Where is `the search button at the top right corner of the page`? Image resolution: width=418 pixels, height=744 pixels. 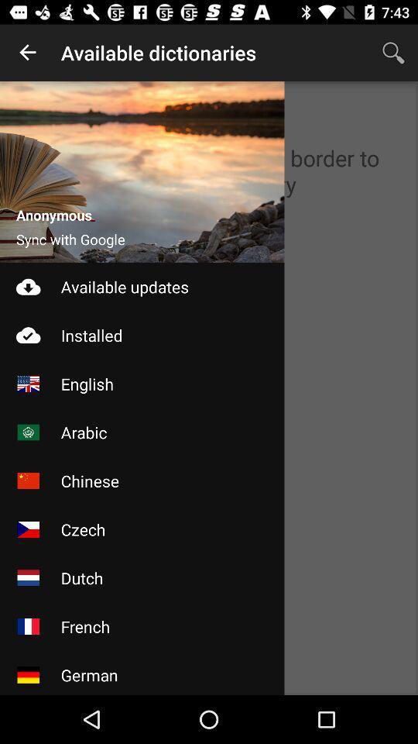 the search button at the top right corner of the page is located at coordinates (393, 53).